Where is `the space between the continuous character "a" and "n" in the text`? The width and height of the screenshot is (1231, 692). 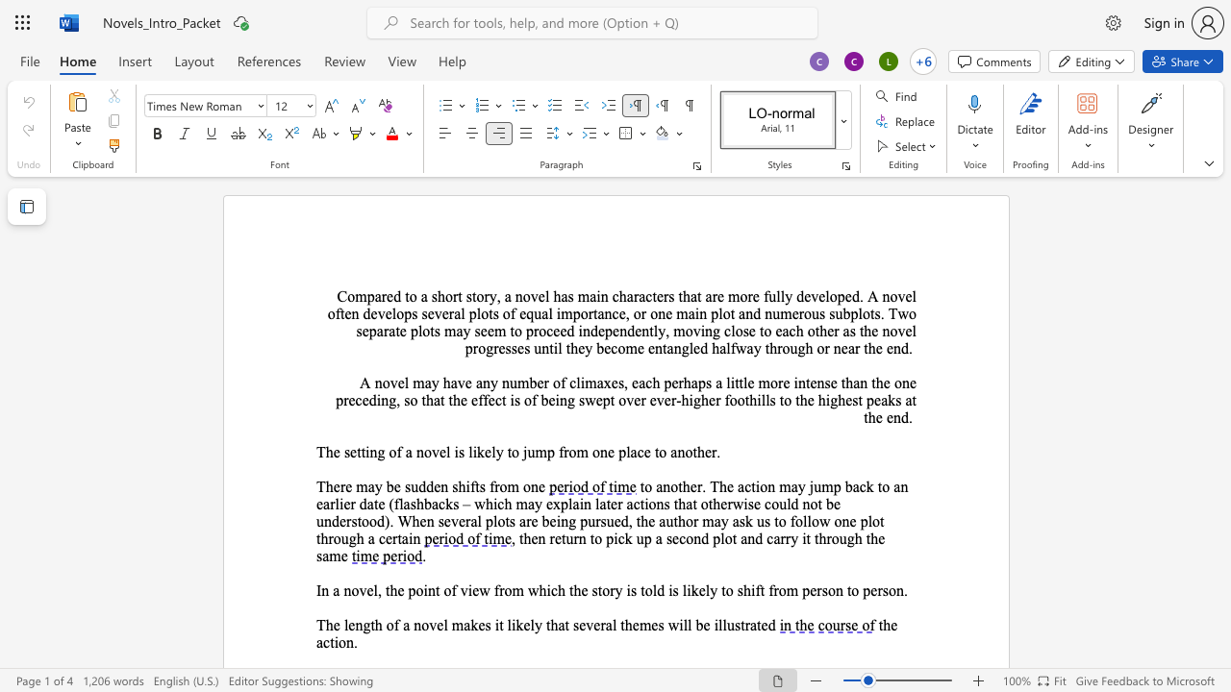
the space between the continuous character "a" and "n" in the text is located at coordinates (673, 348).